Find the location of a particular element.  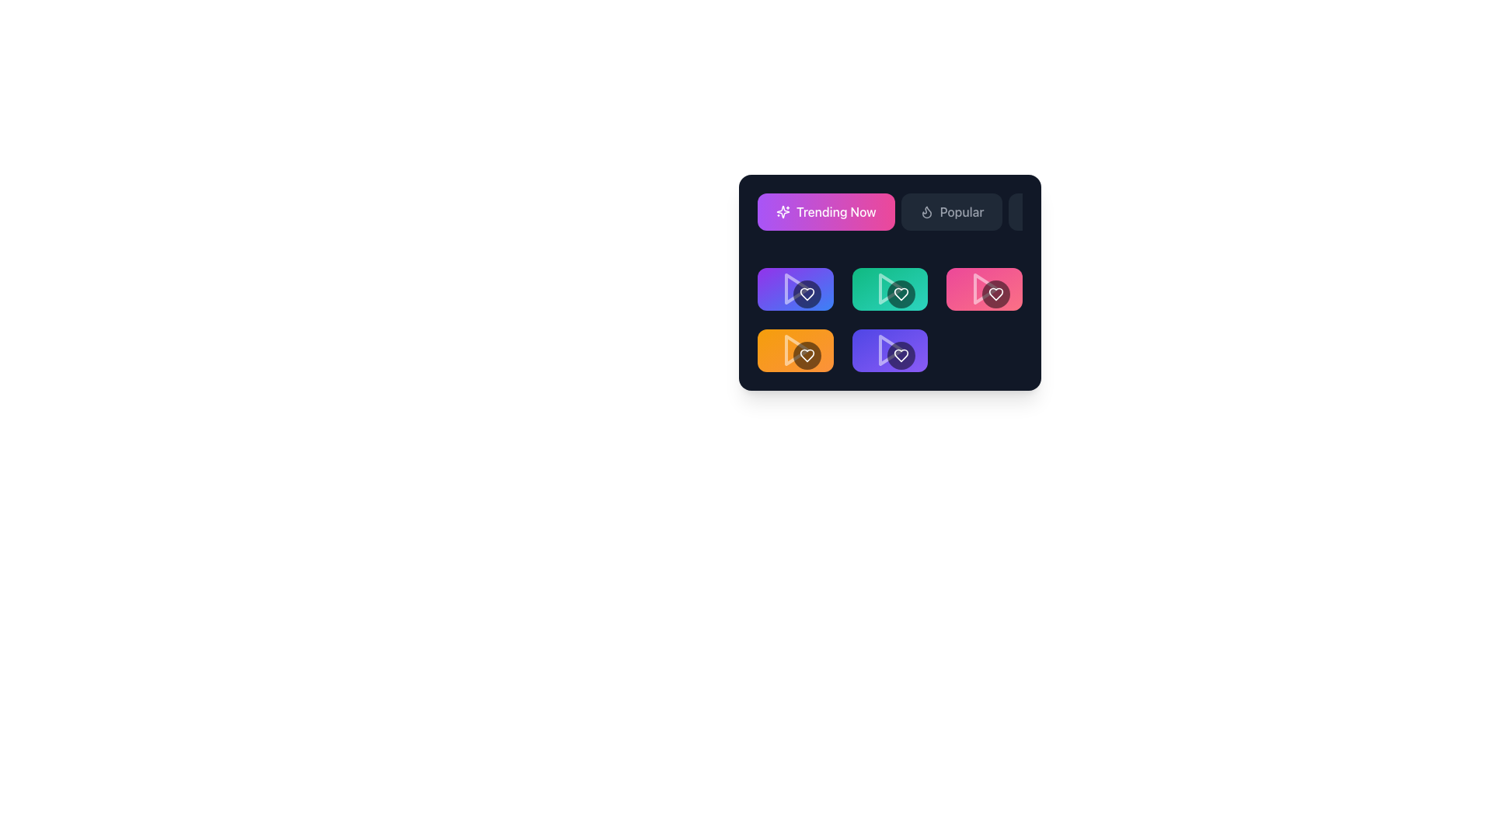

the media selection tile located in the second row and second column of the grid layout, which features a play icon and a heart icon is located at coordinates (890, 298).